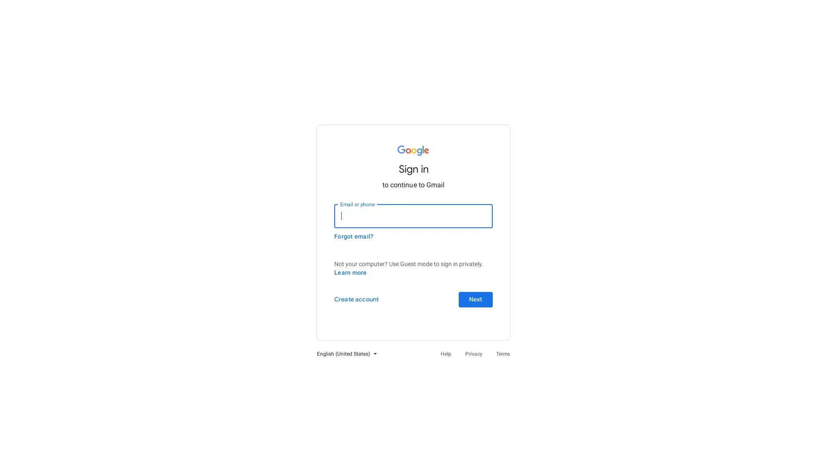  What do you see at coordinates (354, 236) in the screenshot?
I see `Forgot email?` at bounding box center [354, 236].